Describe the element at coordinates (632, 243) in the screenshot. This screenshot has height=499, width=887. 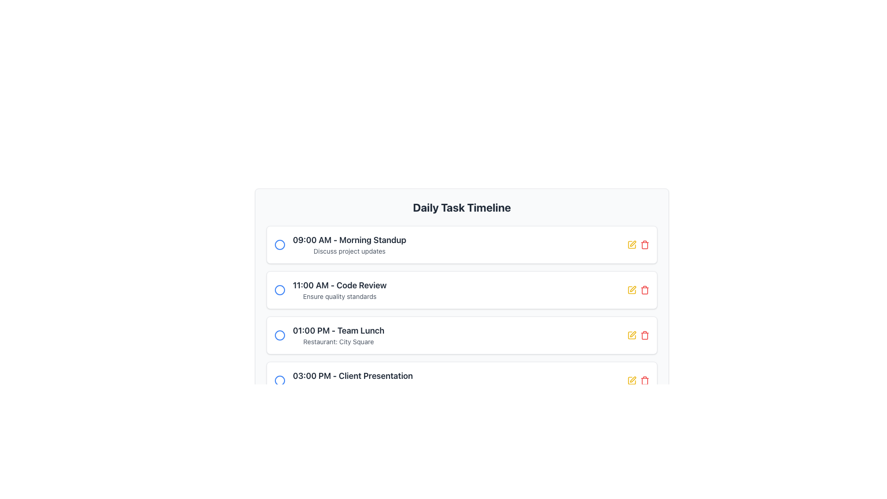
I see `the small SVG icon button with a yellow border, located on the right side of the '11:00 AM - Code Review' entry in the list` at that location.